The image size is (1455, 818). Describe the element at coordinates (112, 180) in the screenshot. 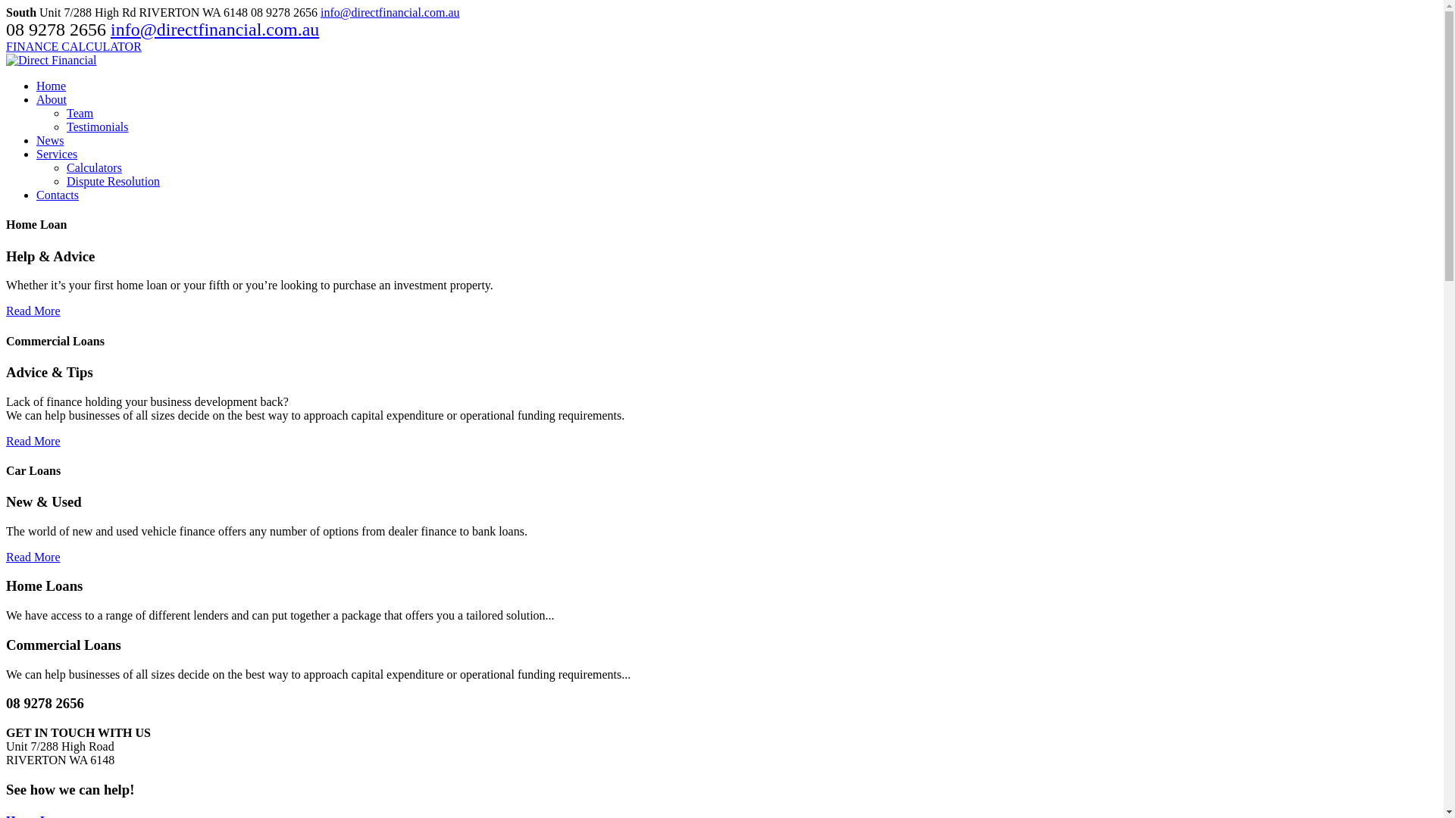

I see `'Dispute Resolution'` at that location.